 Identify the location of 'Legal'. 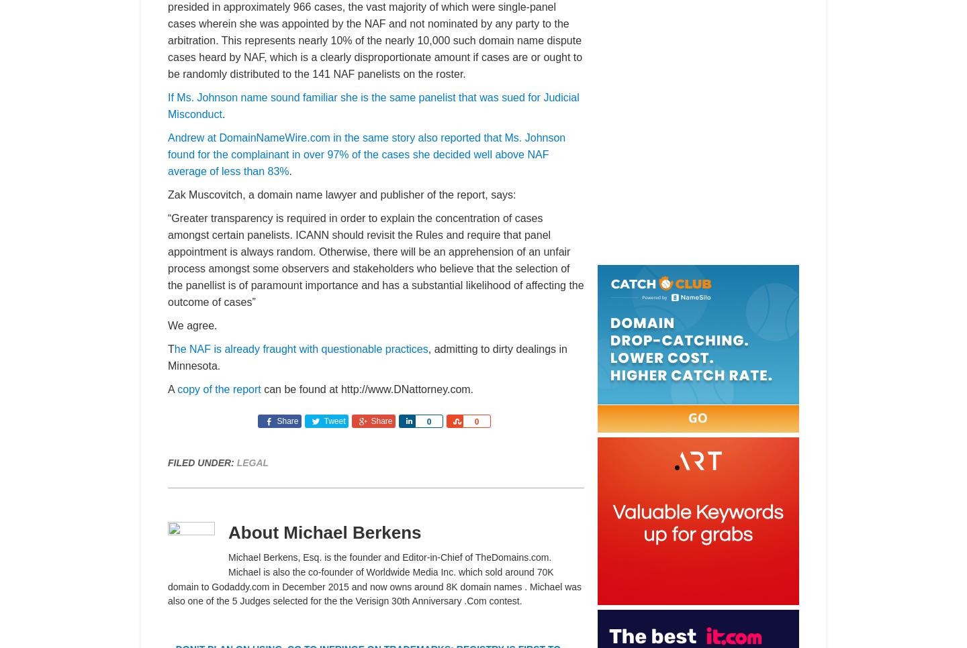
(251, 463).